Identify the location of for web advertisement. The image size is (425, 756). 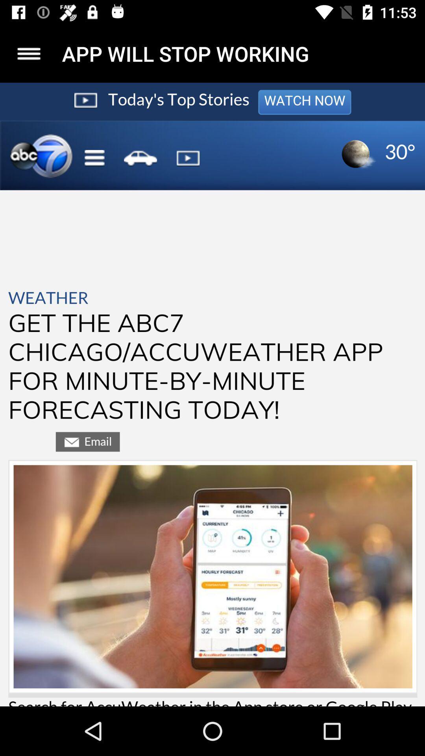
(213, 395).